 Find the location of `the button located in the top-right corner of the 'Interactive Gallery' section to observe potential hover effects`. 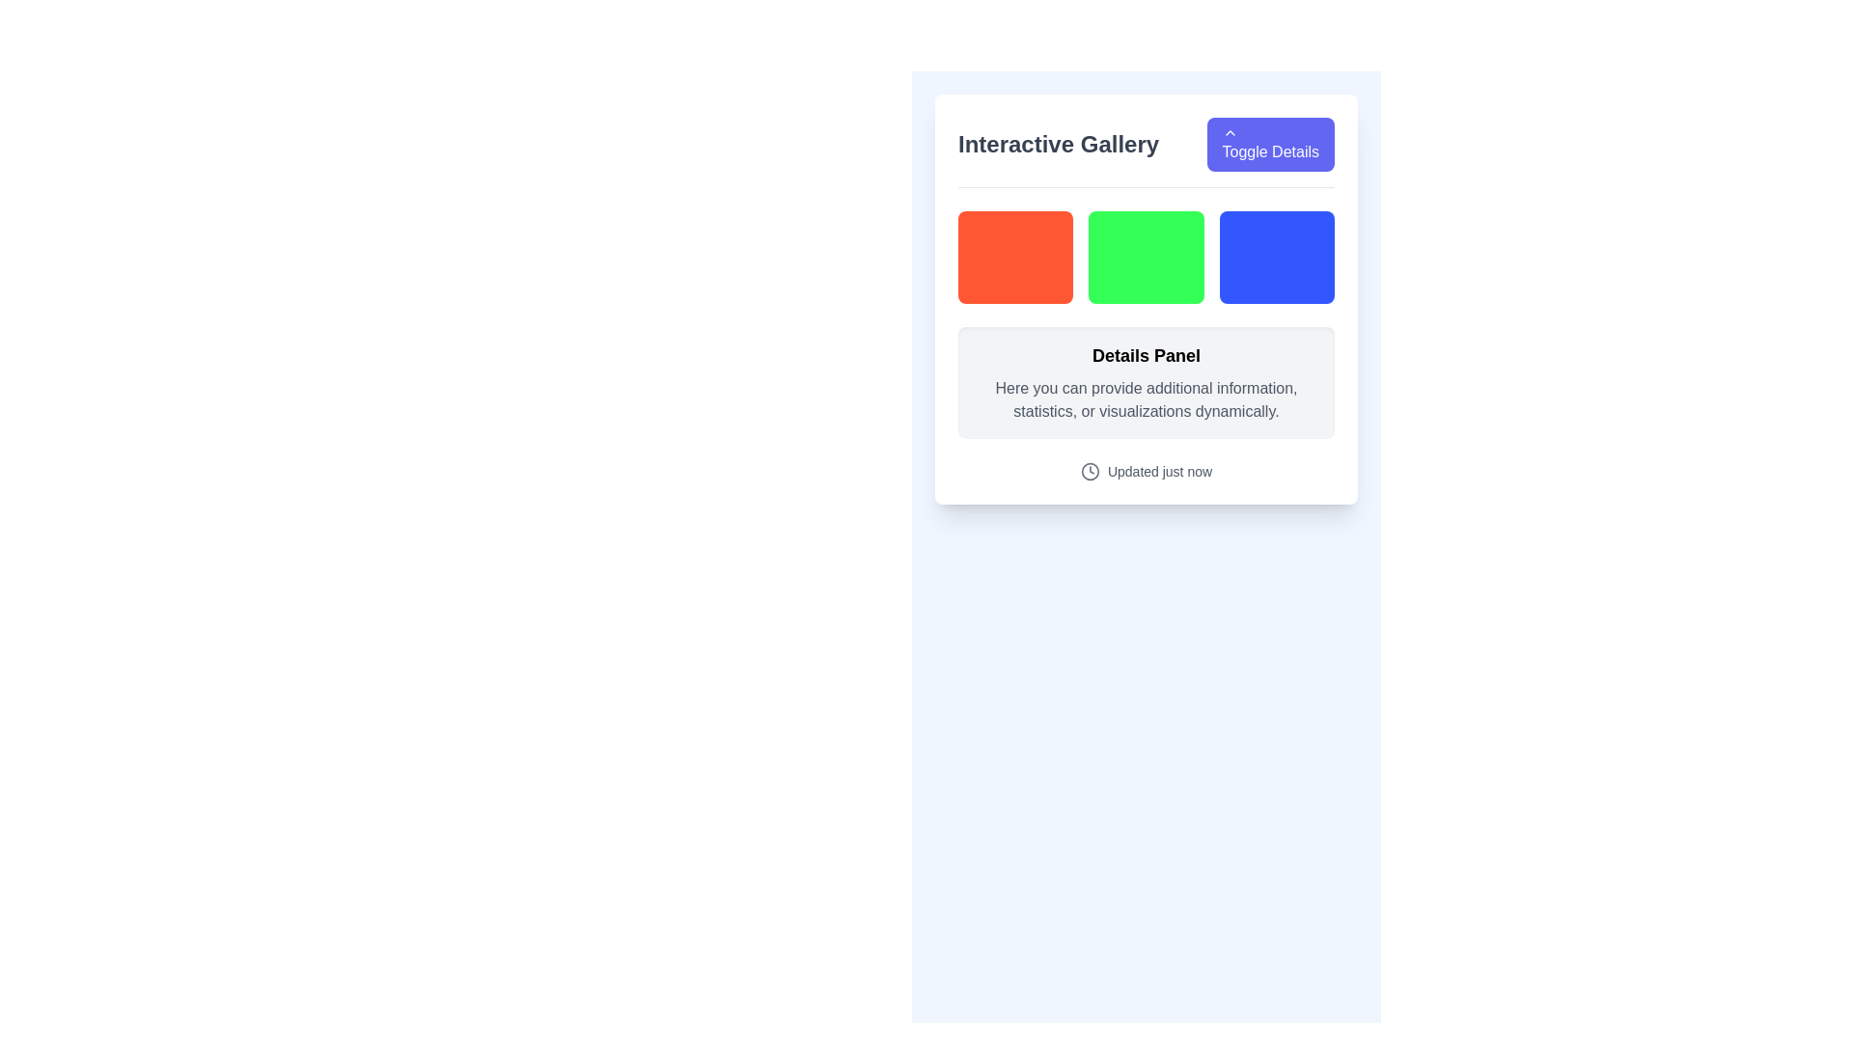

the button located in the top-right corner of the 'Interactive Gallery' section to observe potential hover effects is located at coordinates (1270, 144).